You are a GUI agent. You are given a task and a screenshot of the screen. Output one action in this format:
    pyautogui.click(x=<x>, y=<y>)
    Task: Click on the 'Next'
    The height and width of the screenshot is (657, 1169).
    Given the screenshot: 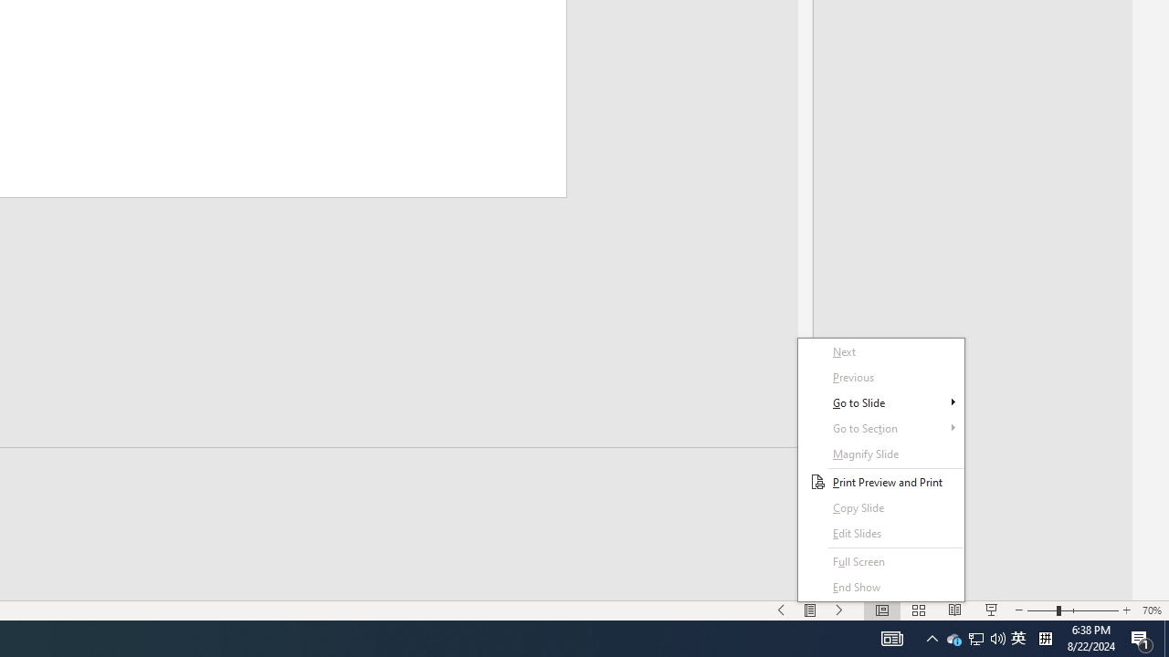 What is the action you would take?
    pyautogui.click(x=881, y=352)
    